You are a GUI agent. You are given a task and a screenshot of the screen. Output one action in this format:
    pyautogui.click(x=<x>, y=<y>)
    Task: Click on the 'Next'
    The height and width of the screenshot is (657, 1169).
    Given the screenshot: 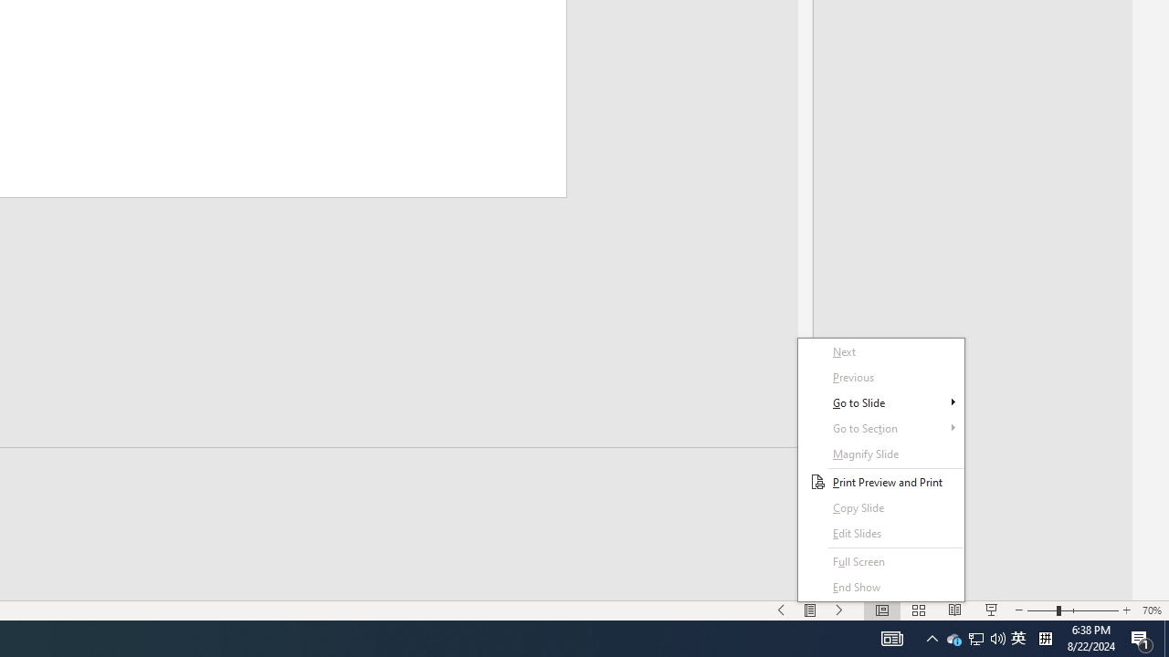 What is the action you would take?
    pyautogui.click(x=881, y=352)
    